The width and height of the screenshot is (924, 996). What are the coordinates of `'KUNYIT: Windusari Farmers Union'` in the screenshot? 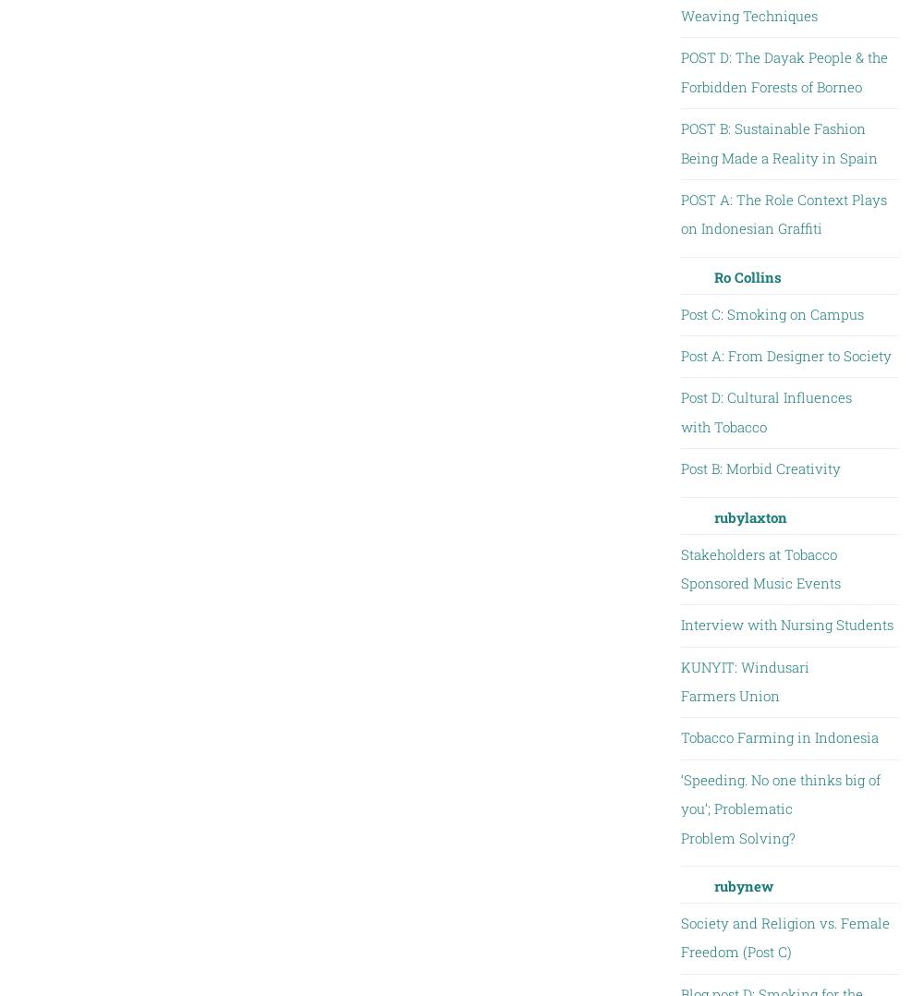 It's located at (679, 681).